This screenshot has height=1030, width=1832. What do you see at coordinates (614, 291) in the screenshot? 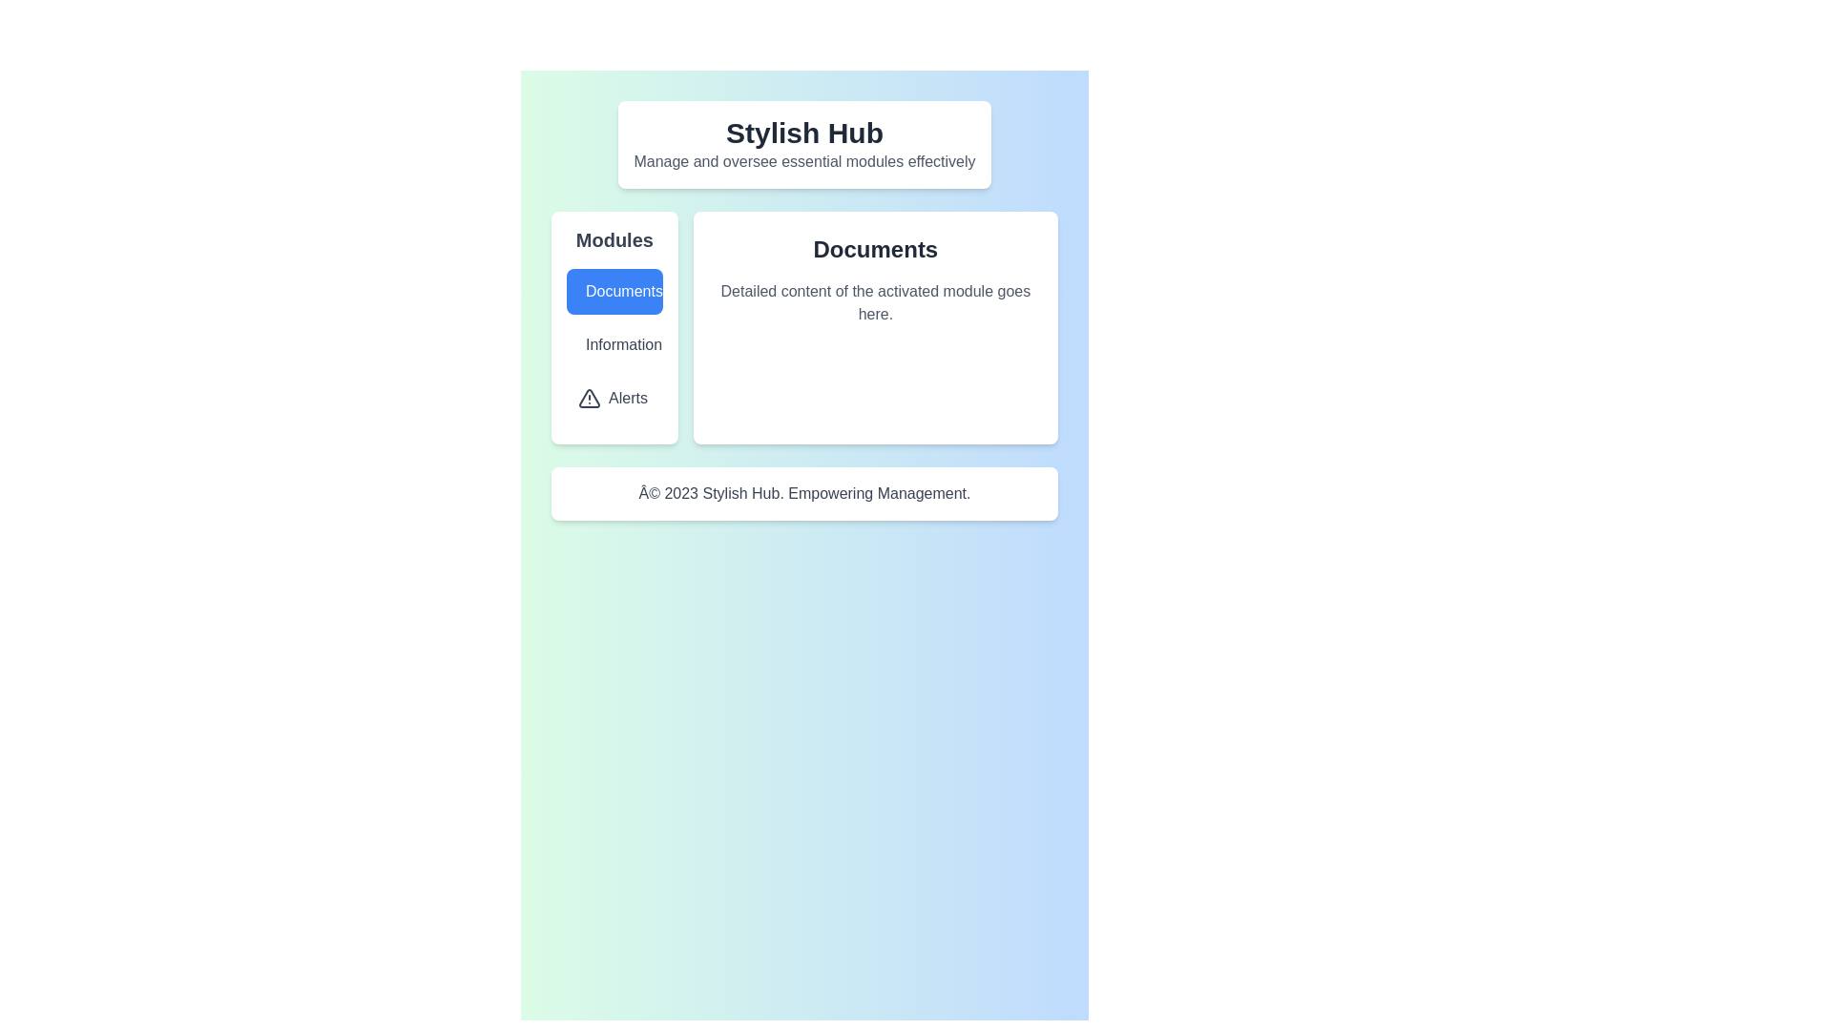
I see `the blue 'Documents' button in the navigation menu to observe its hover effects` at bounding box center [614, 291].